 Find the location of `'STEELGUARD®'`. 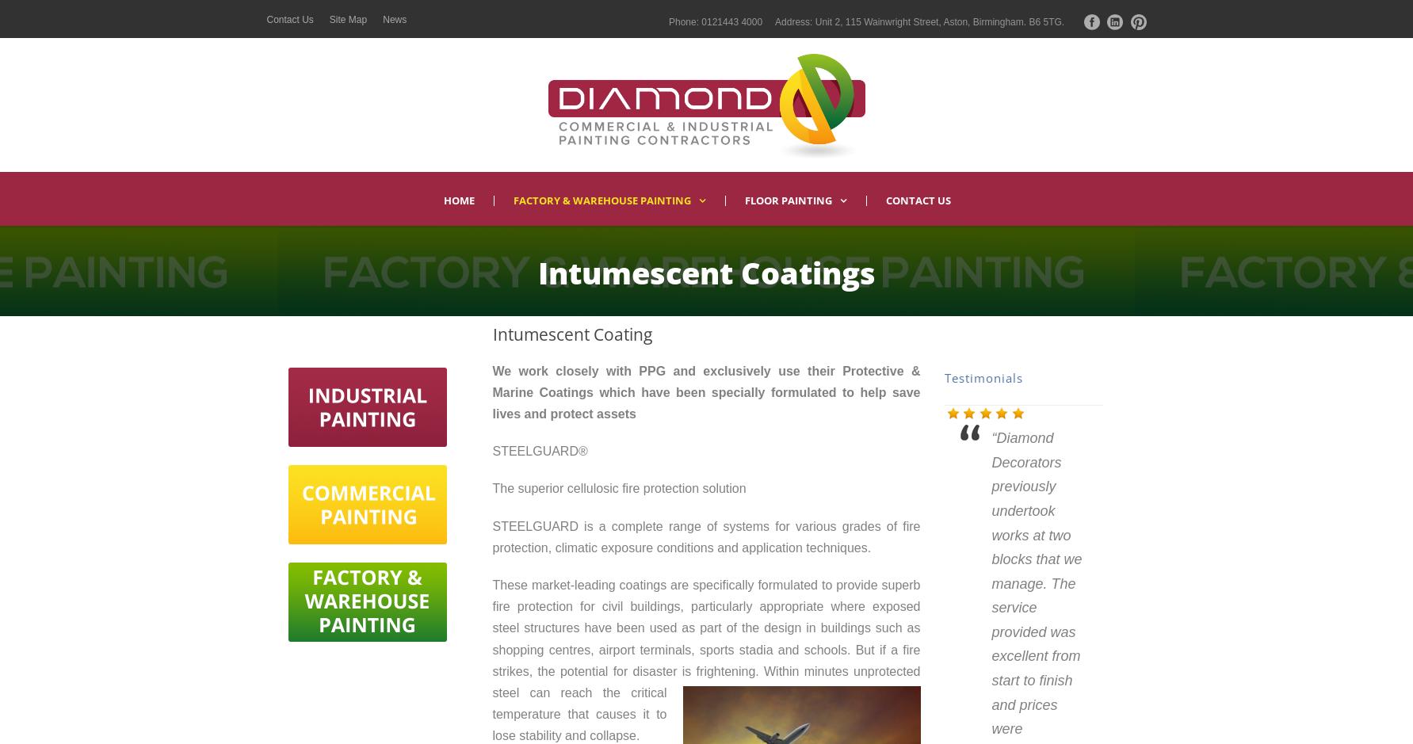

'STEELGUARD®' is located at coordinates (492, 450).